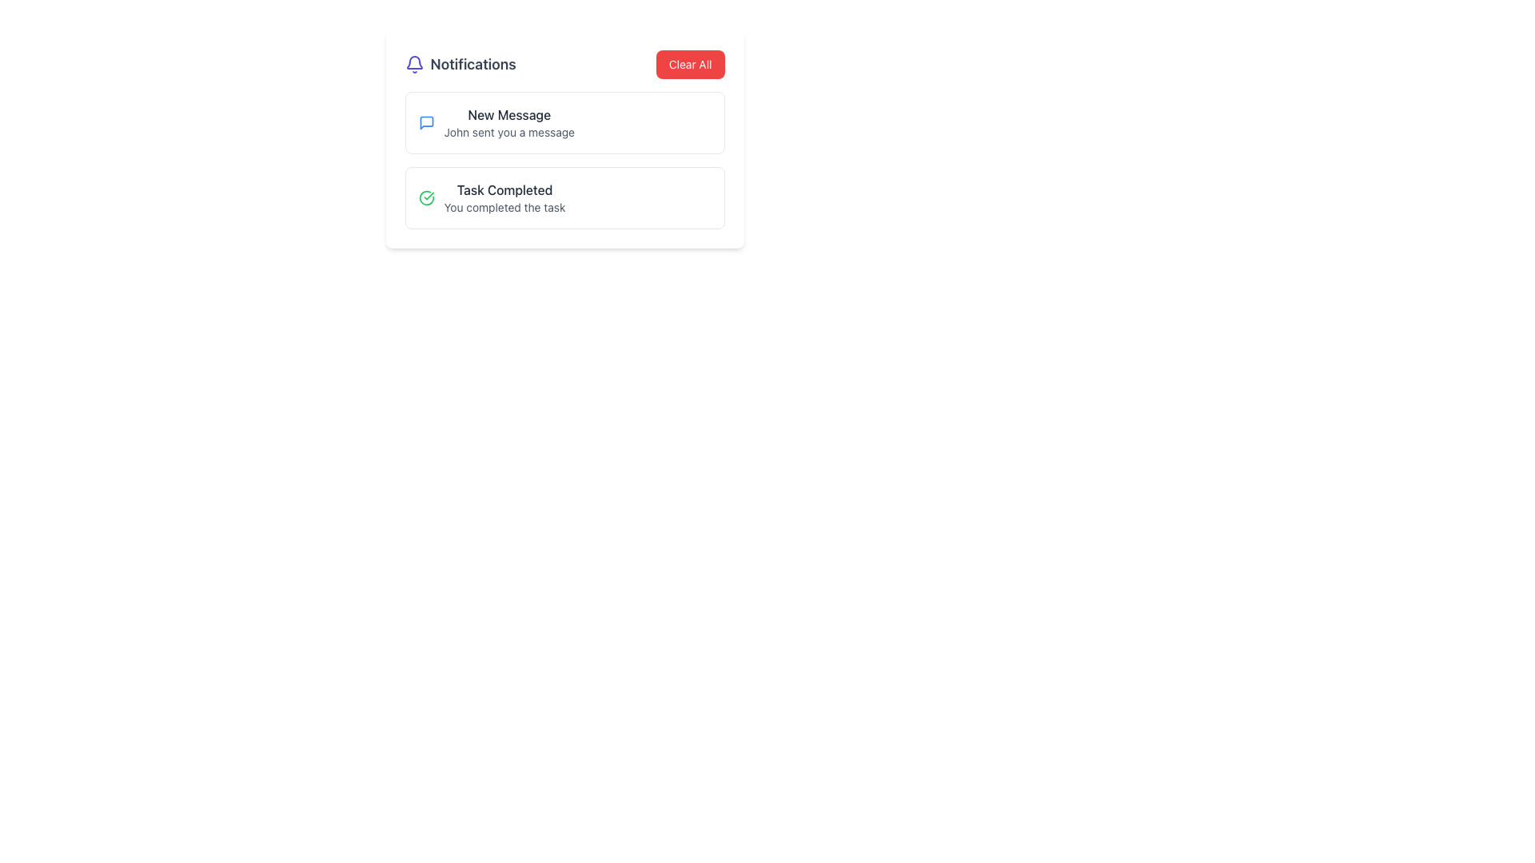  Describe the element at coordinates (414, 64) in the screenshot. I see `the indigo bell icon representing notifications, located to the left of the 'Notifications' section title` at that location.